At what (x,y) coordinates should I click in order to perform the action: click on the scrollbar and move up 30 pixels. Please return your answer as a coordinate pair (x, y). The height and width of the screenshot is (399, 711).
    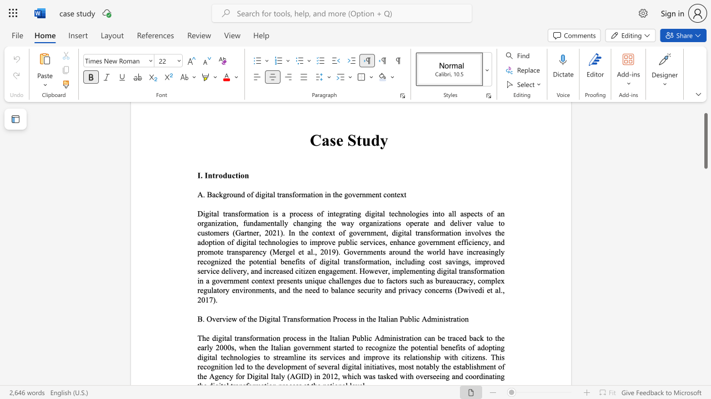
    Looking at the image, I should click on (705, 140).